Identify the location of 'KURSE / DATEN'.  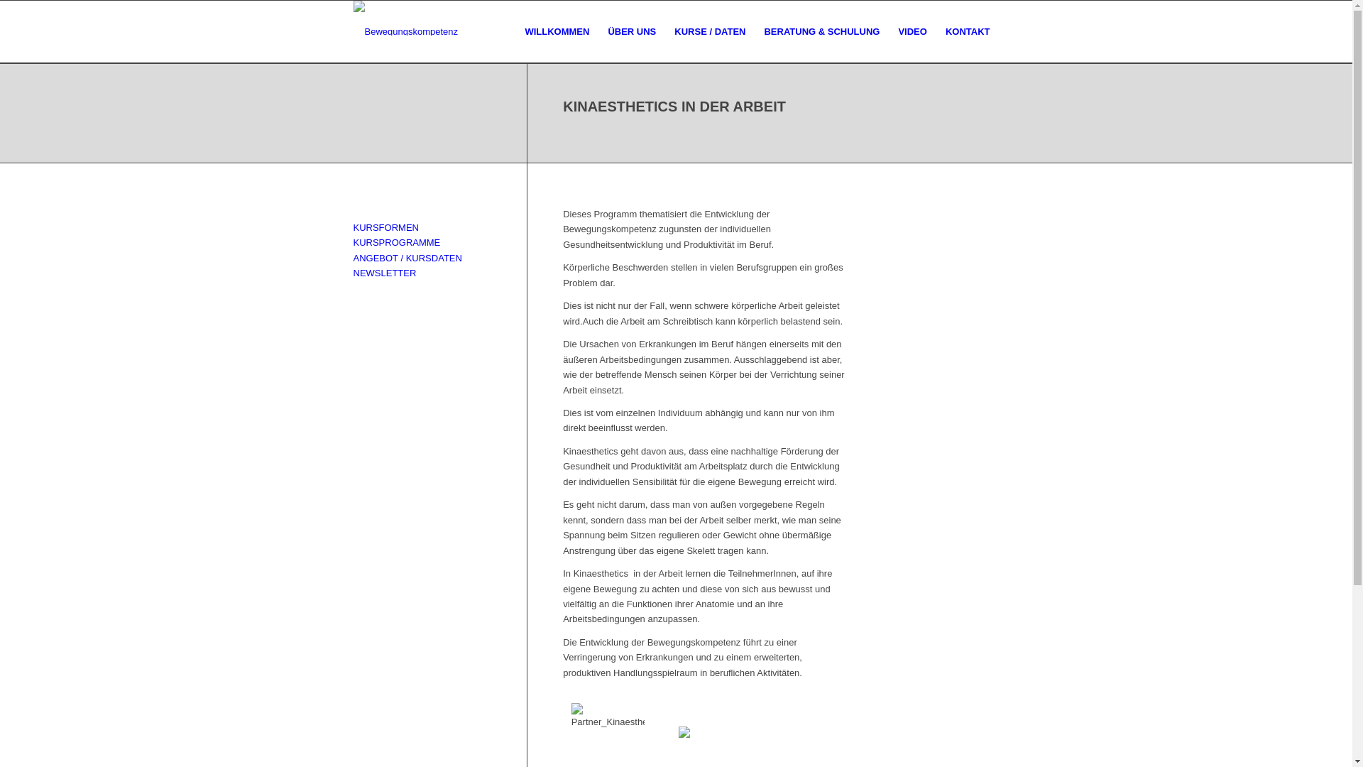
(709, 32).